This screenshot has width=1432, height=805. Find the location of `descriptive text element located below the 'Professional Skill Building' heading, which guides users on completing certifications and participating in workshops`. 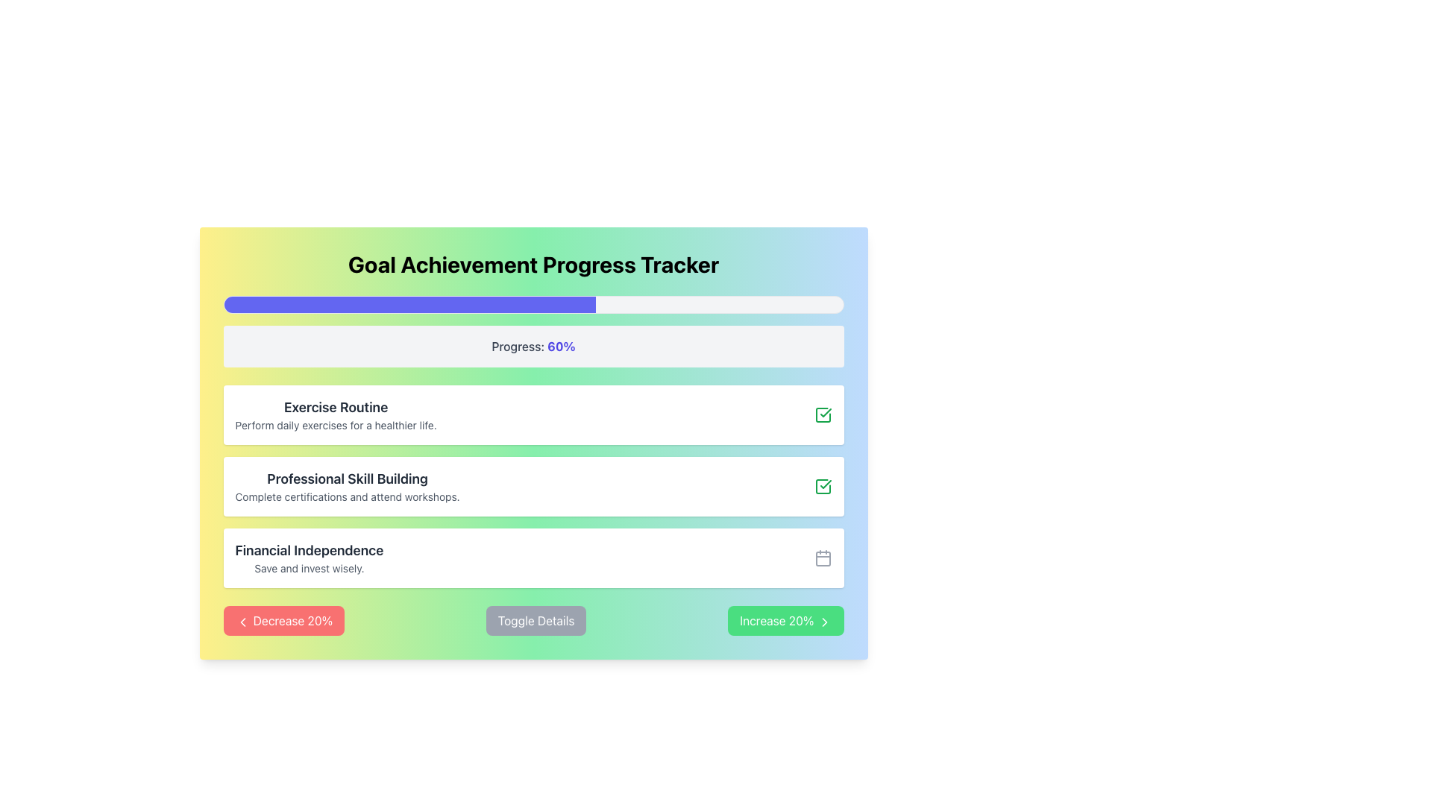

descriptive text element located below the 'Professional Skill Building' heading, which guides users on completing certifications and participating in workshops is located at coordinates (347, 497).